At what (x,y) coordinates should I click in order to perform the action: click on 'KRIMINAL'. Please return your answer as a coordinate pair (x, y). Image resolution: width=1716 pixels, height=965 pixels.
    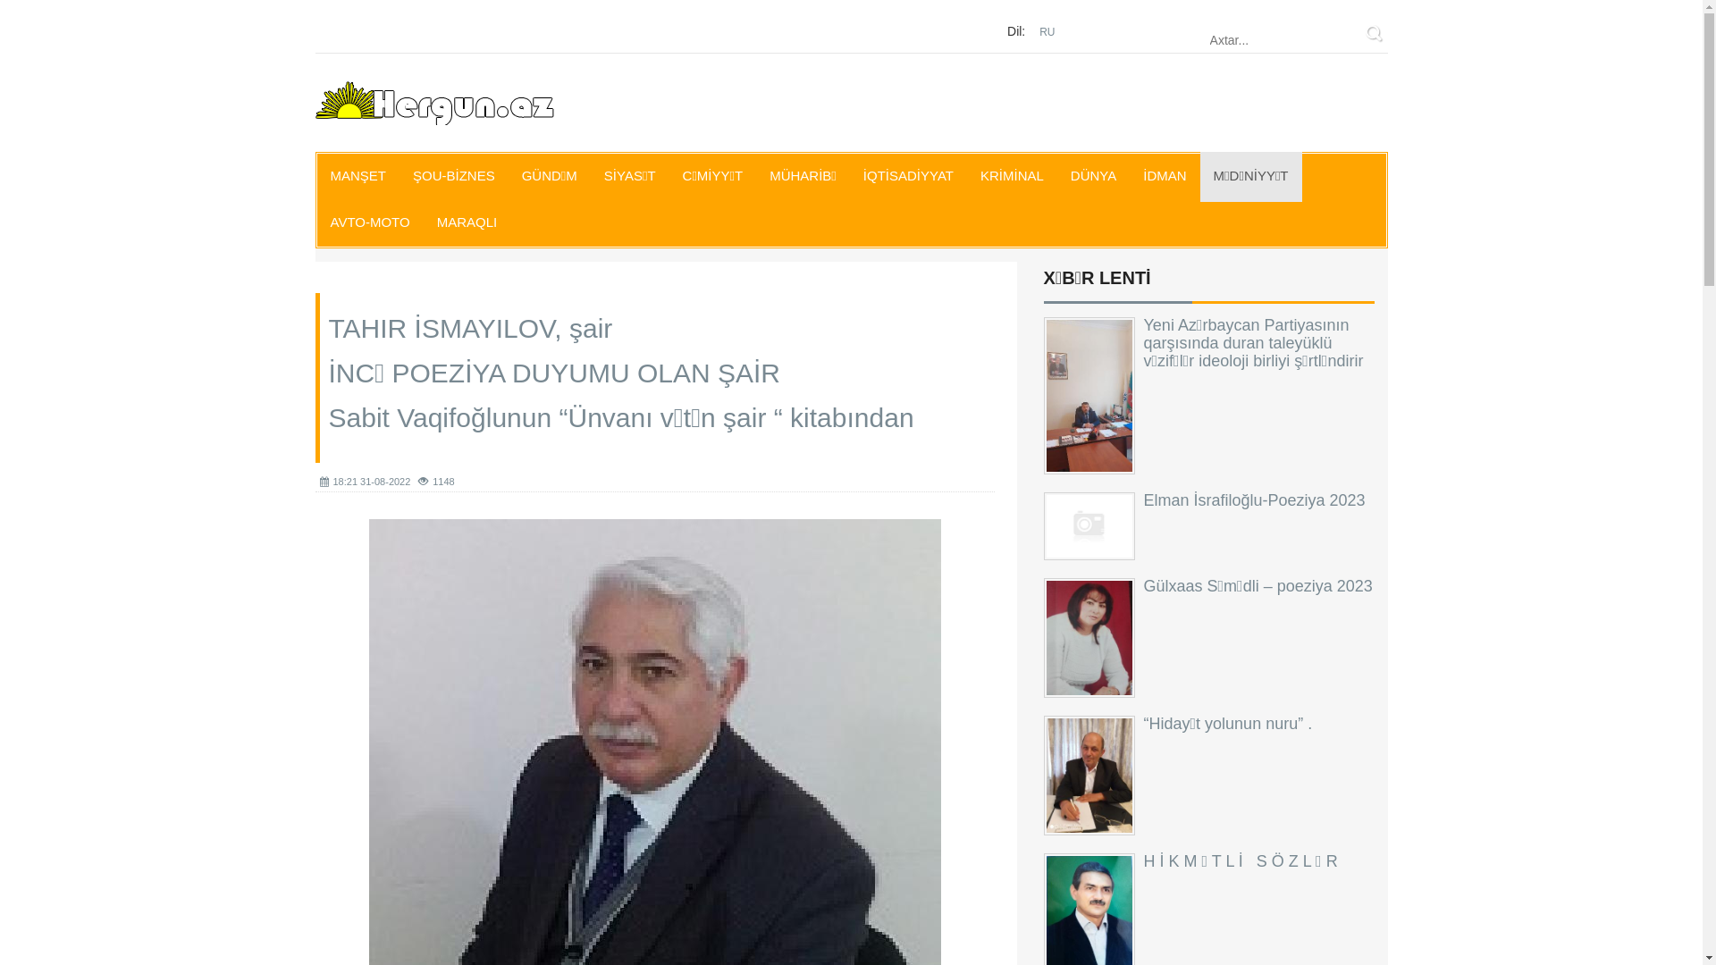
    Looking at the image, I should click on (965, 176).